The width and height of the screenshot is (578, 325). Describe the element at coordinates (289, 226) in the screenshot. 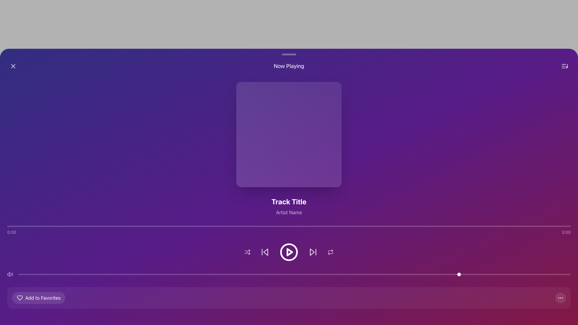

I see `the progress bar or timeline tracker located at the bottom of the main content section, between the time labels '0:00' and '3:00'` at that location.